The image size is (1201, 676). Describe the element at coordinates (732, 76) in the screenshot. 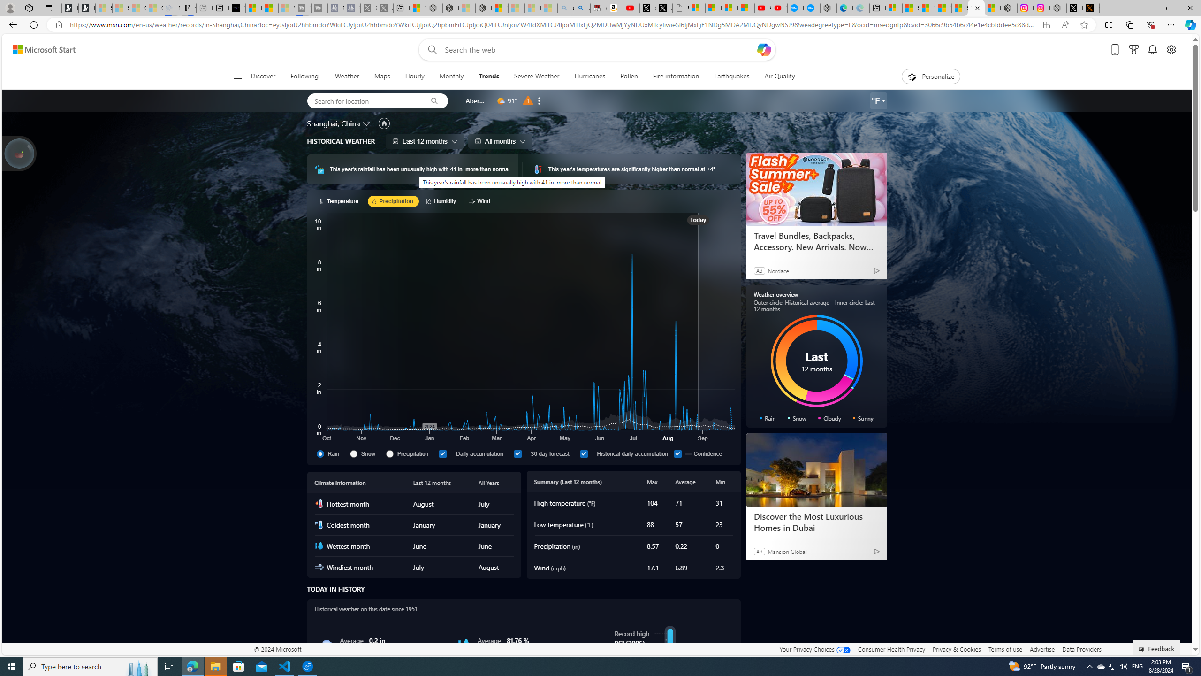

I see `'Earthquakes'` at that location.